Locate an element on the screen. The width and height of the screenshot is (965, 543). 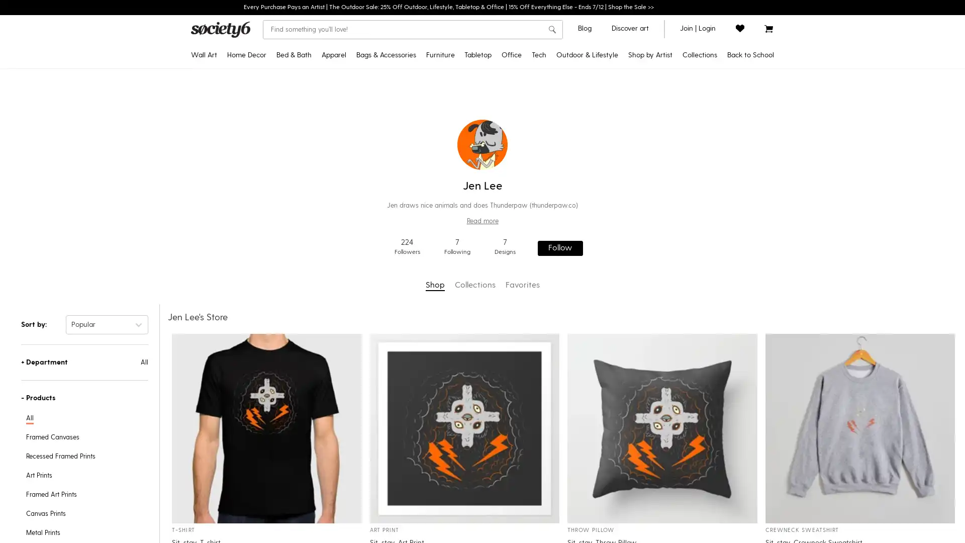
Trending Tapestries is located at coordinates (723, 129).